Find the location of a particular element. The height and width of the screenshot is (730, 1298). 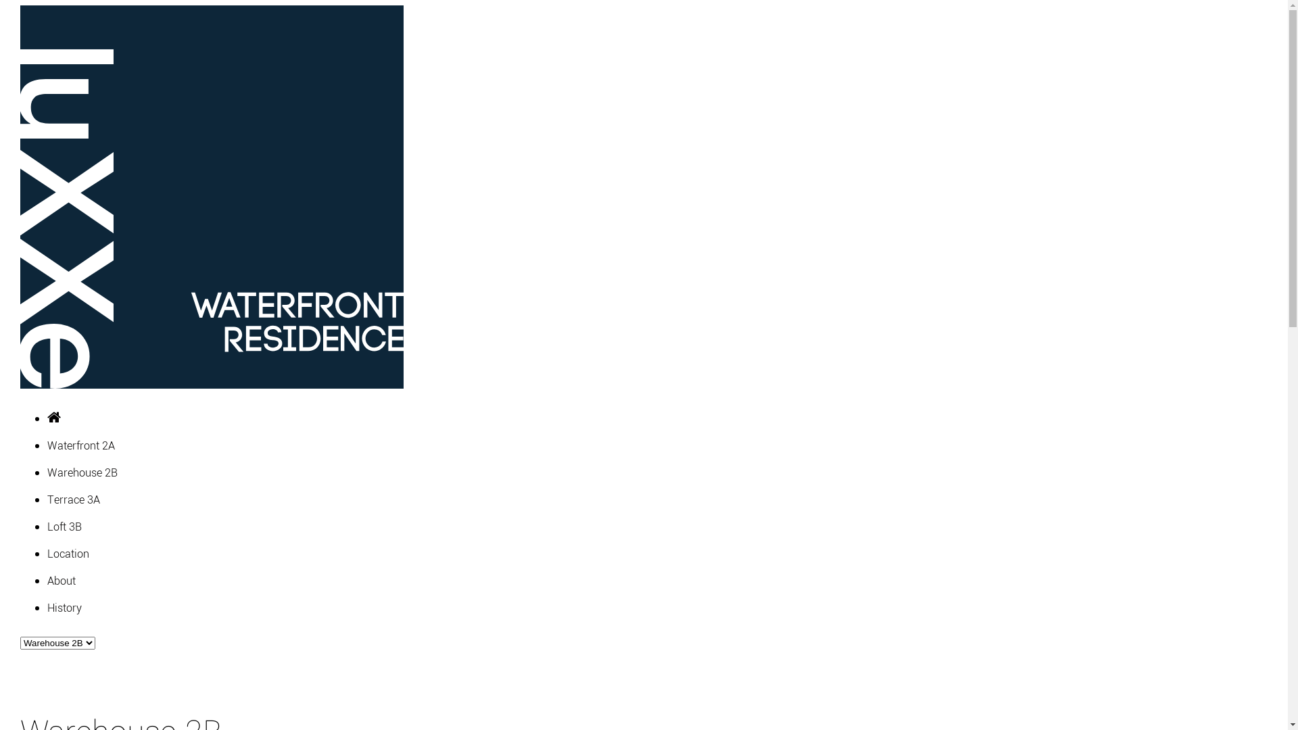

'History' is located at coordinates (64, 607).